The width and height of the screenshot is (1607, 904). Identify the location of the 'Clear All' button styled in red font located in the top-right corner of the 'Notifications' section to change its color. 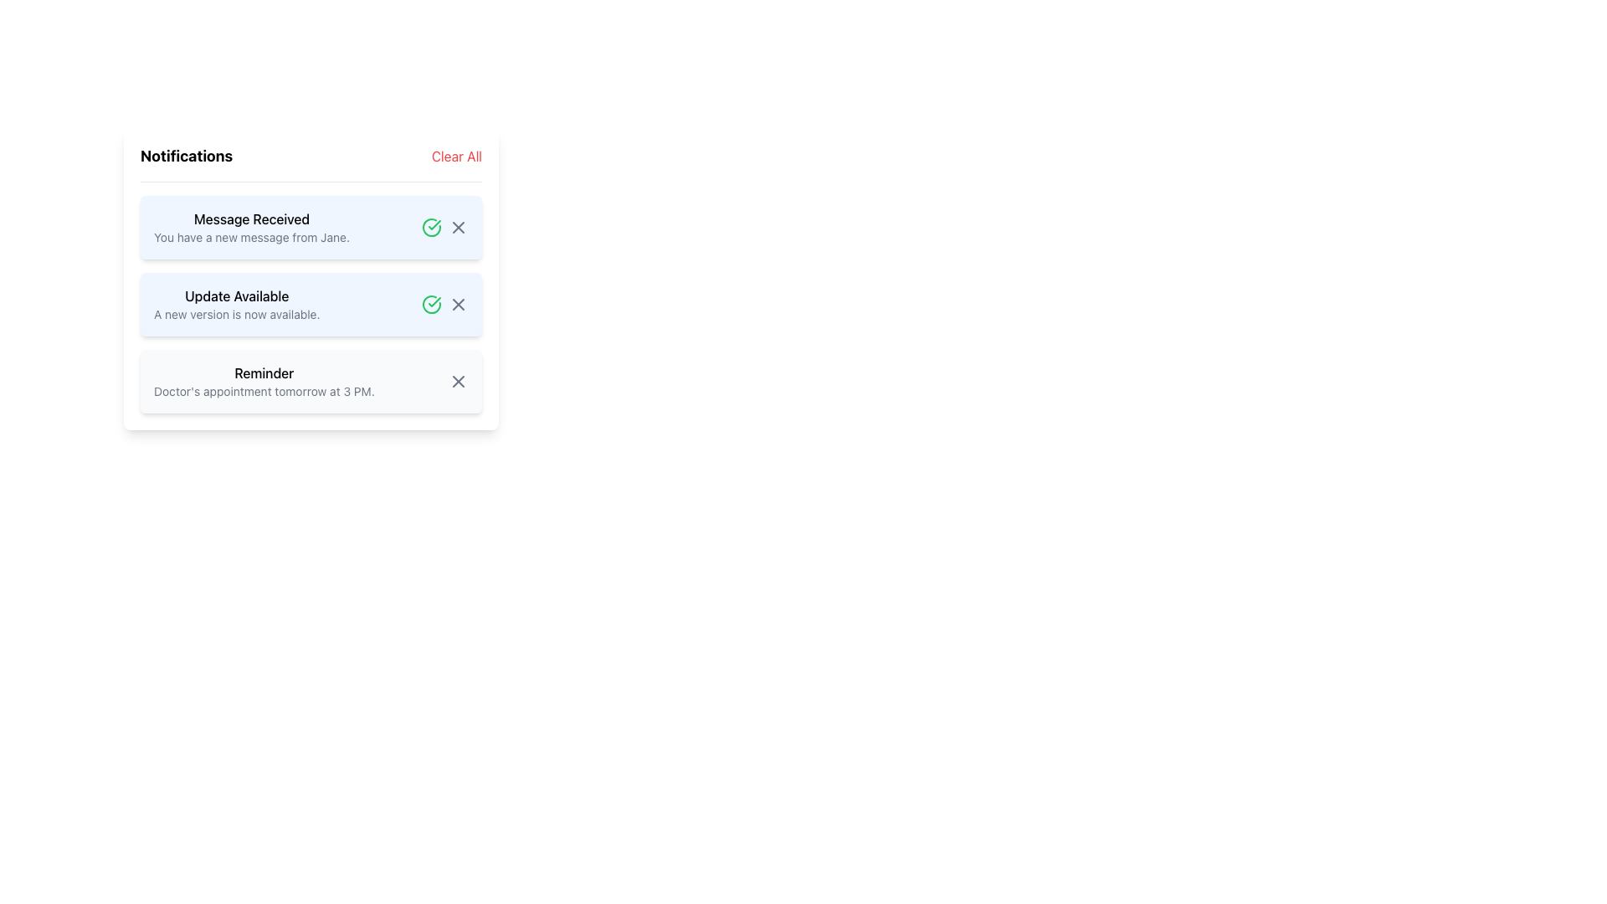
(456, 156).